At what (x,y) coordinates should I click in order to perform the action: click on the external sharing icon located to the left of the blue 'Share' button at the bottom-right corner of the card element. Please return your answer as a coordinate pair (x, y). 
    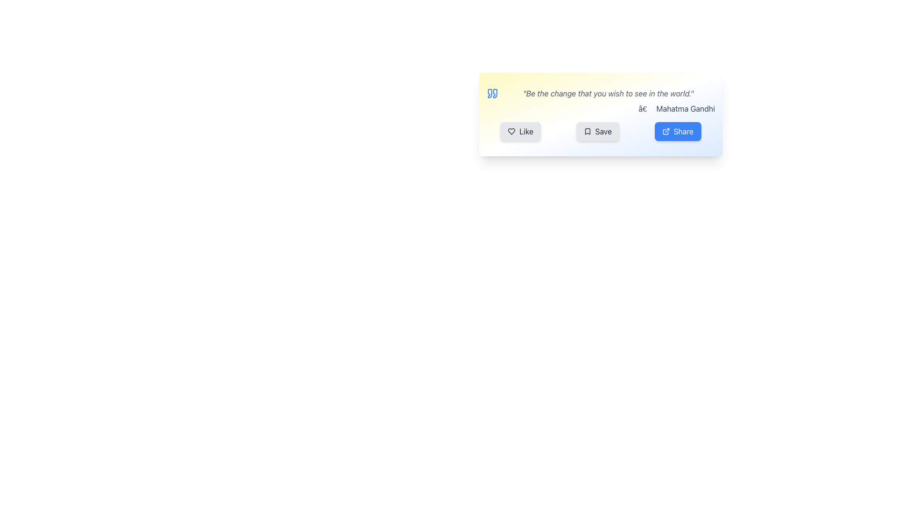
    Looking at the image, I should click on (665, 132).